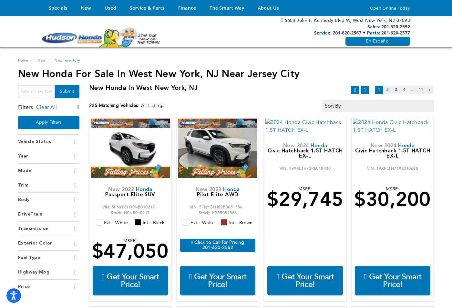 The height and width of the screenshot is (308, 452). I want to click on 'Specials', so click(48, 7).